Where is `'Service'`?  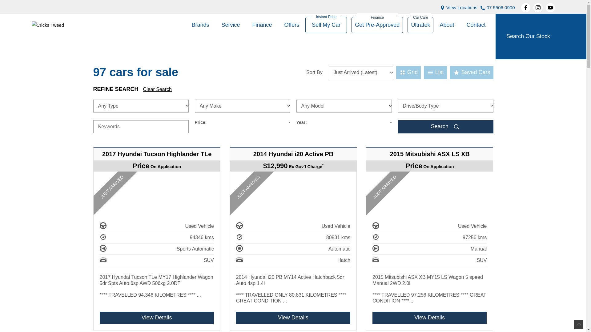
'Service' is located at coordinates (215, 25).